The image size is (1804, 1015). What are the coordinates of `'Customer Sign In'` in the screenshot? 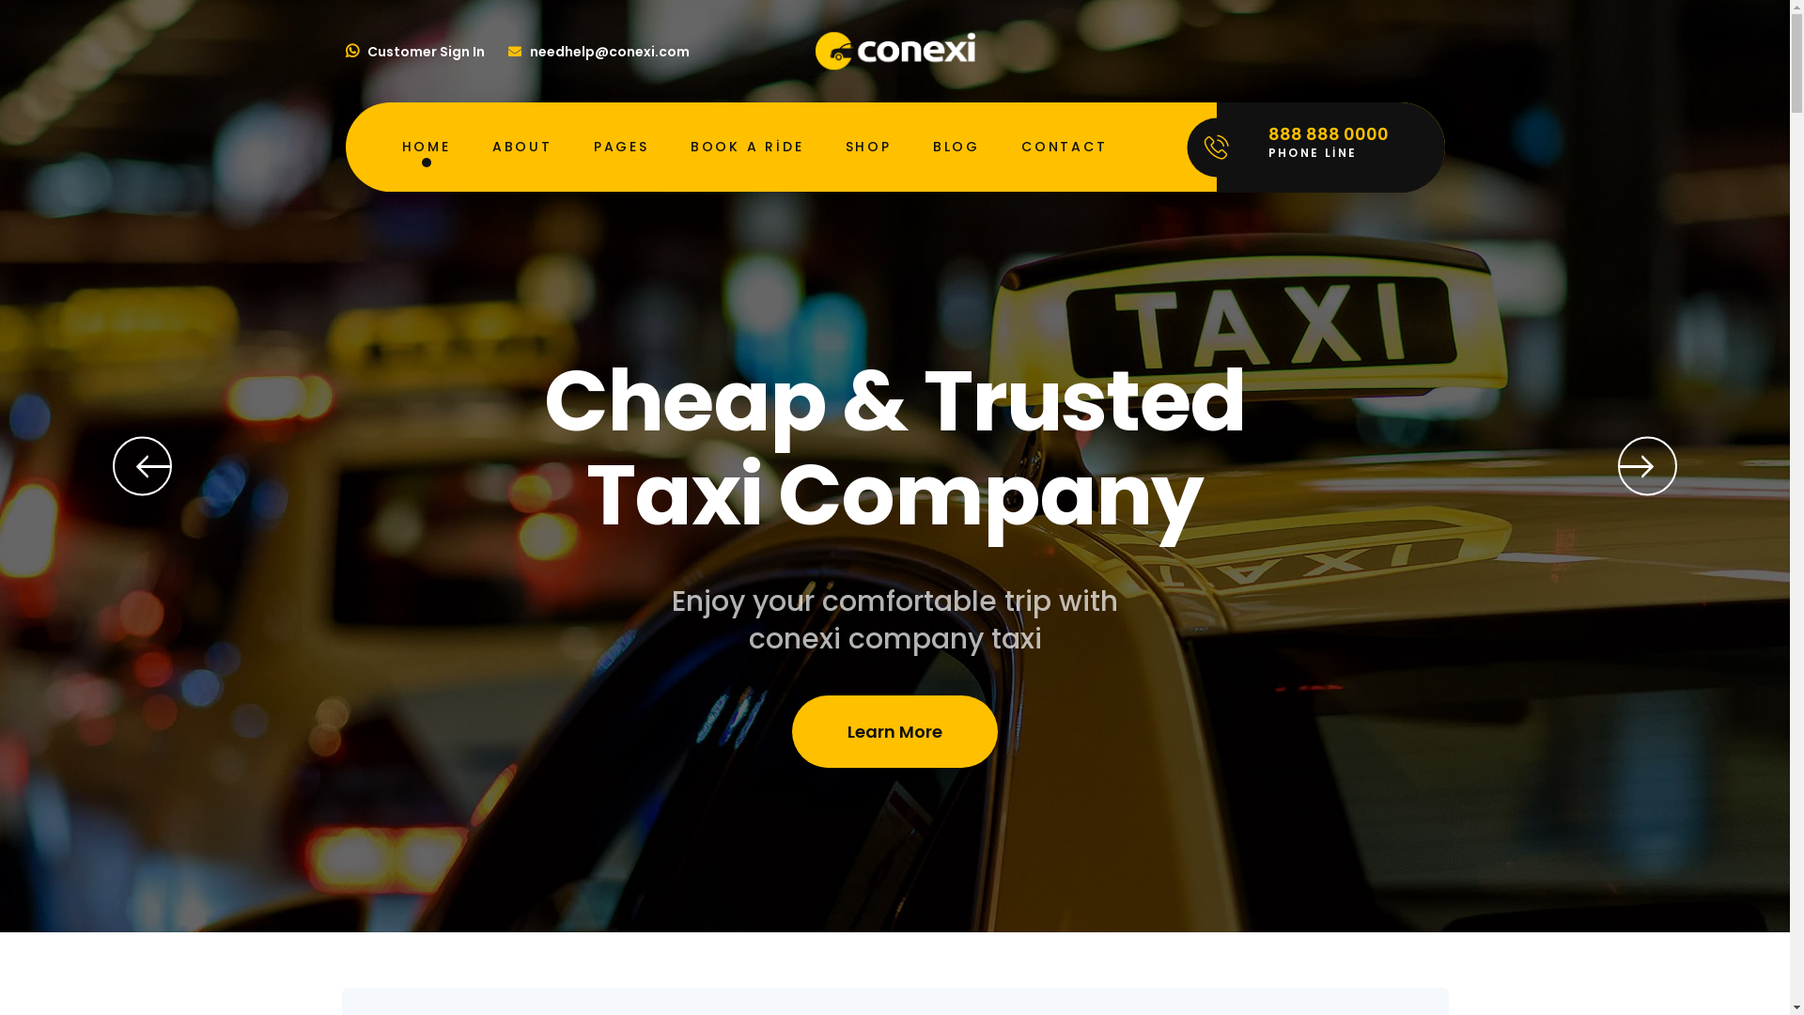 It's located at (346, 50).